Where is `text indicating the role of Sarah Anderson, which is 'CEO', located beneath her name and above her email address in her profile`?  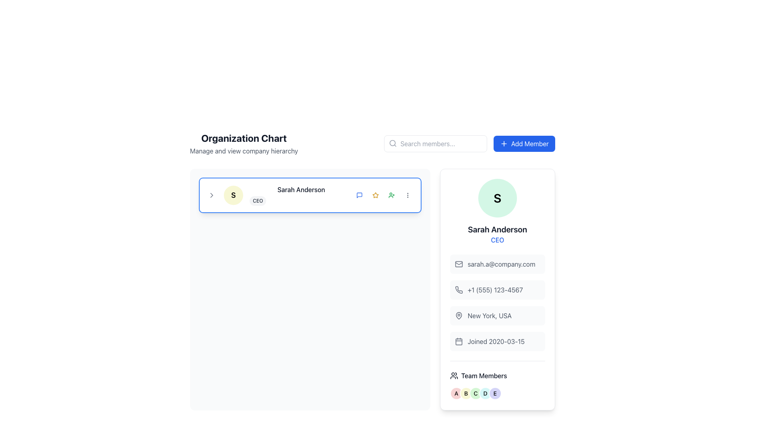 text indicating the role of Sarah Anderson, which is 'CEO', located beneath her name and above her email address in her profile is located at coordinates (497, 240).